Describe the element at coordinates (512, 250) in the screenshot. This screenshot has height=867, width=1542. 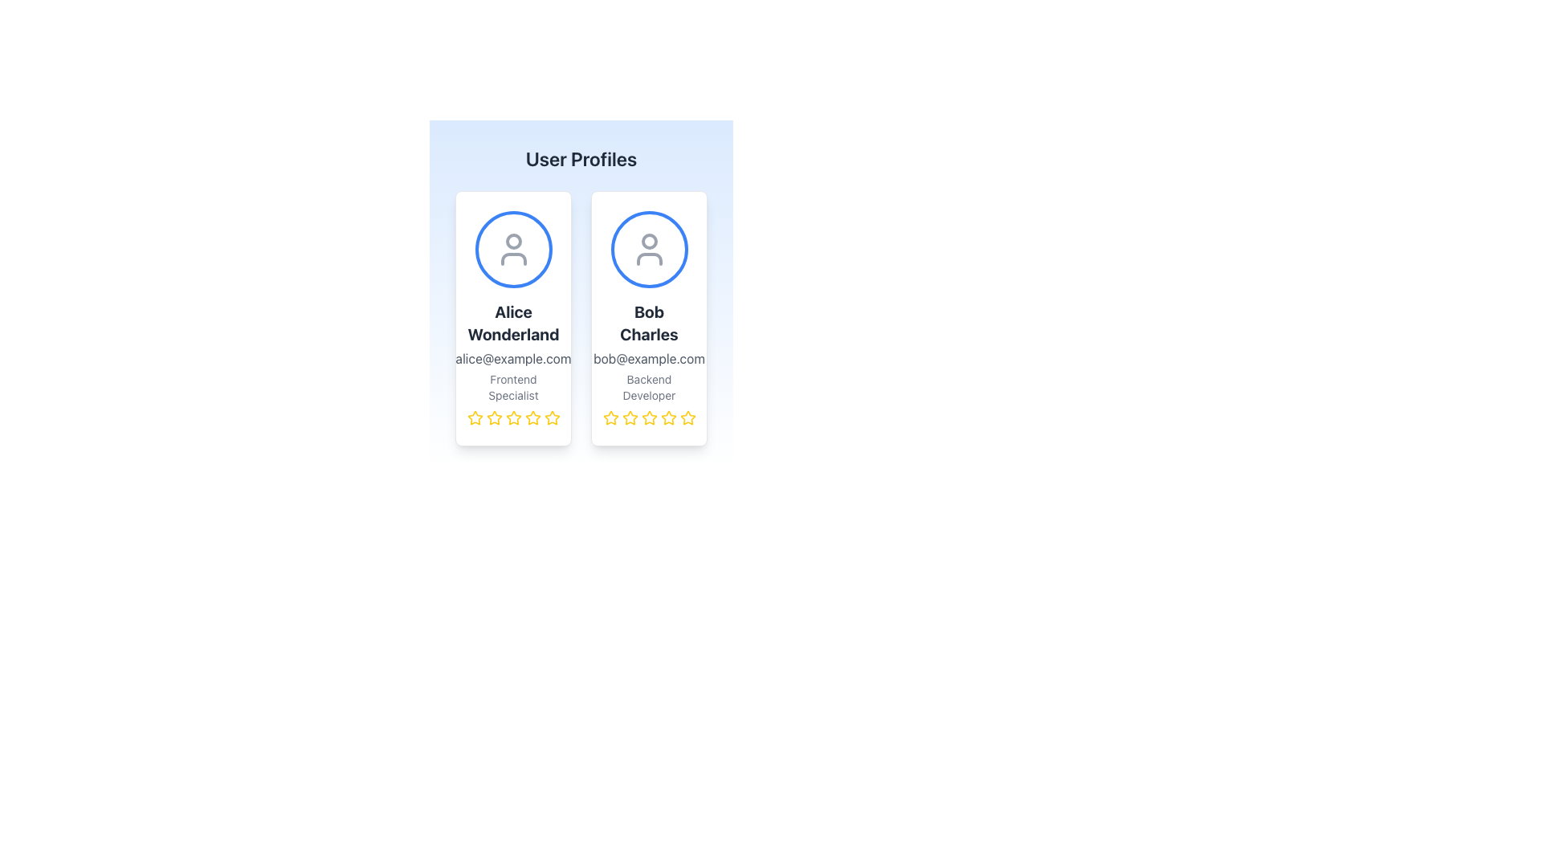
I see `the user icon representing Alice Wonderland in the upper section of the leftmost profile card, which has a simplistic gray design of a head and shoulders` at that location.